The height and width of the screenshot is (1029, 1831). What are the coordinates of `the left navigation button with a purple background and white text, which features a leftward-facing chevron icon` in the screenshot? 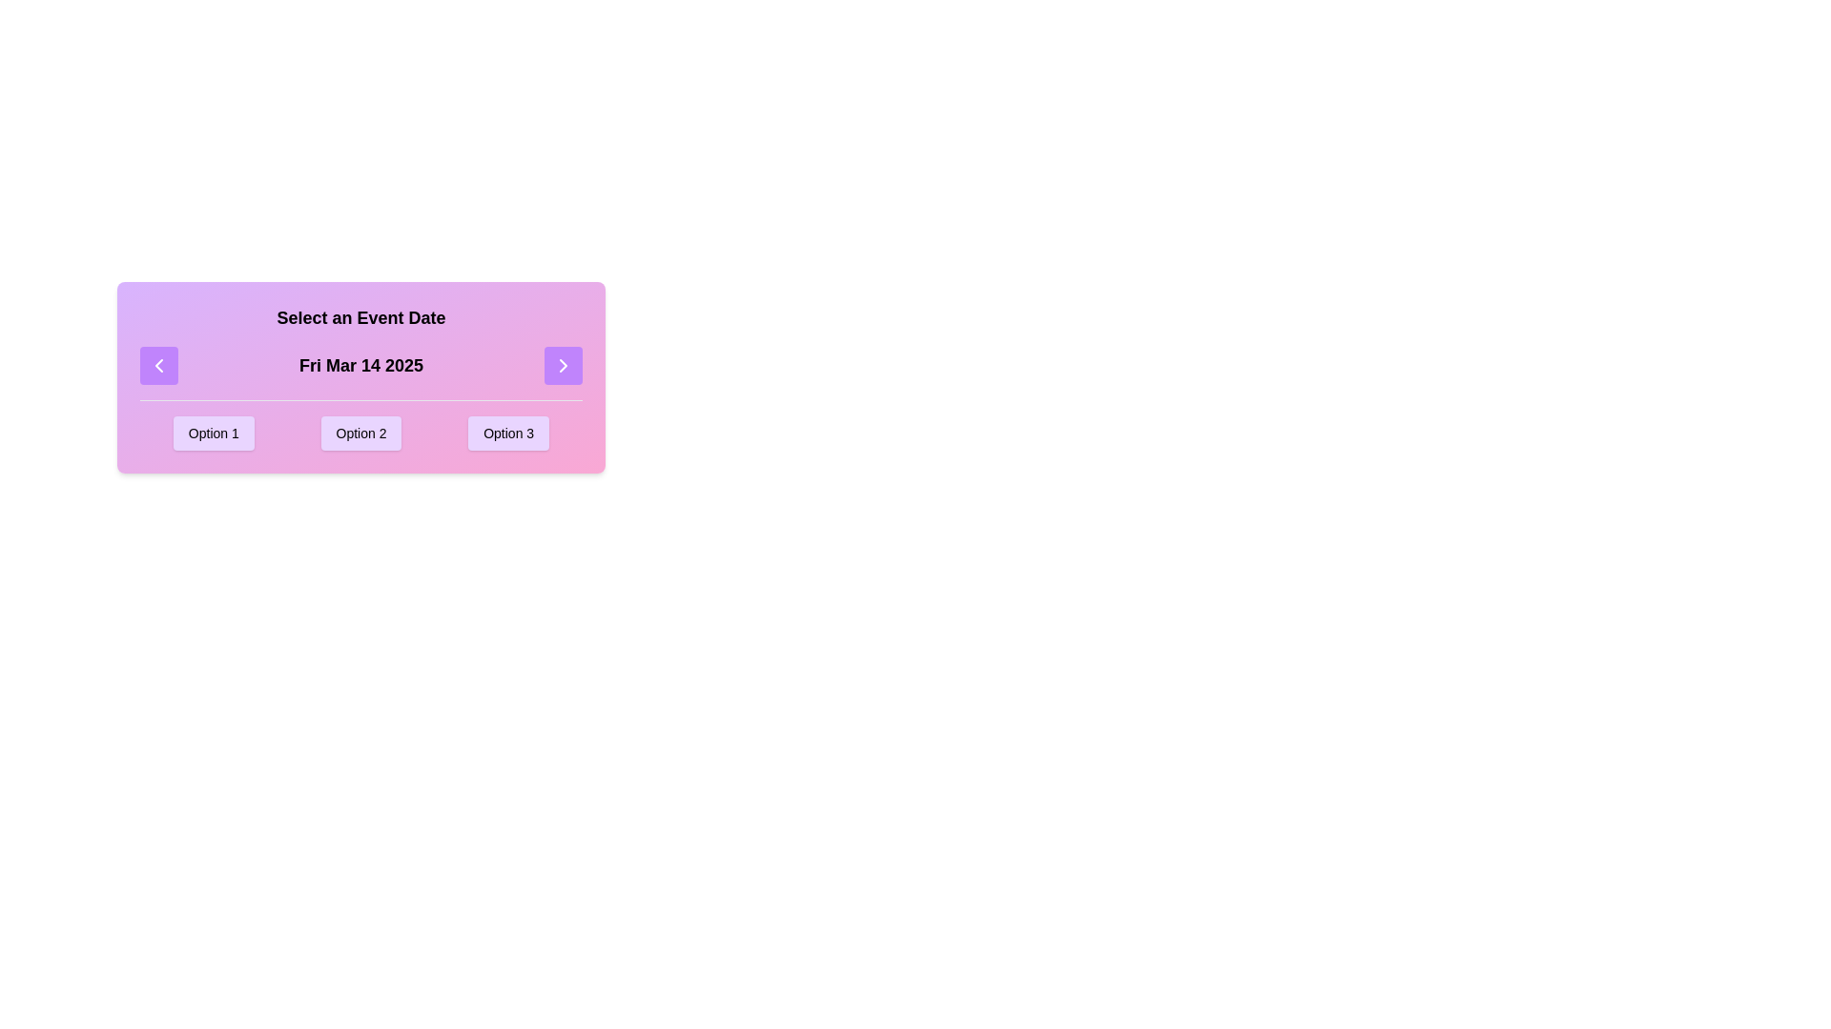 It's located at (159, 366).